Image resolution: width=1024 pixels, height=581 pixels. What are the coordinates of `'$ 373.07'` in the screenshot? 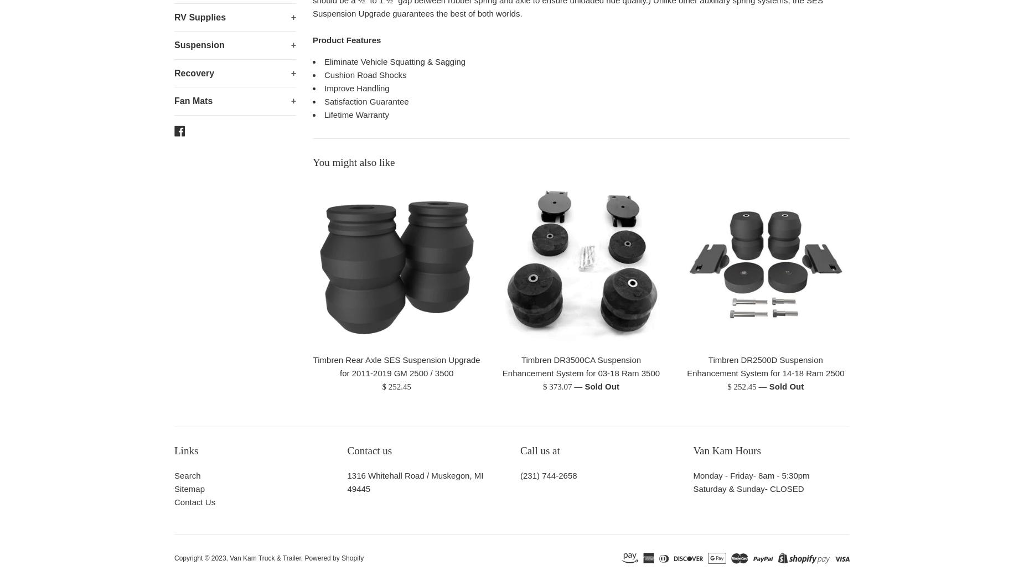 It's located at (557, 386).